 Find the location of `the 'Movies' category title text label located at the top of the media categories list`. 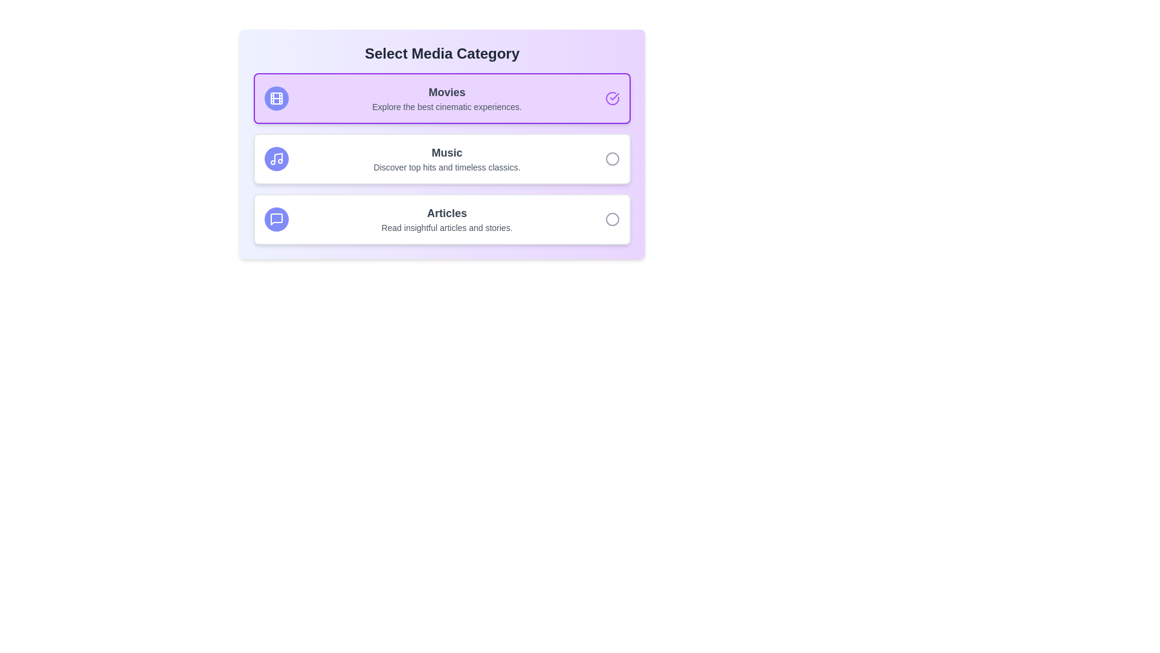

the 'Movies' category title text label located at the top of the media categories list is located at coordinates (446, 92).